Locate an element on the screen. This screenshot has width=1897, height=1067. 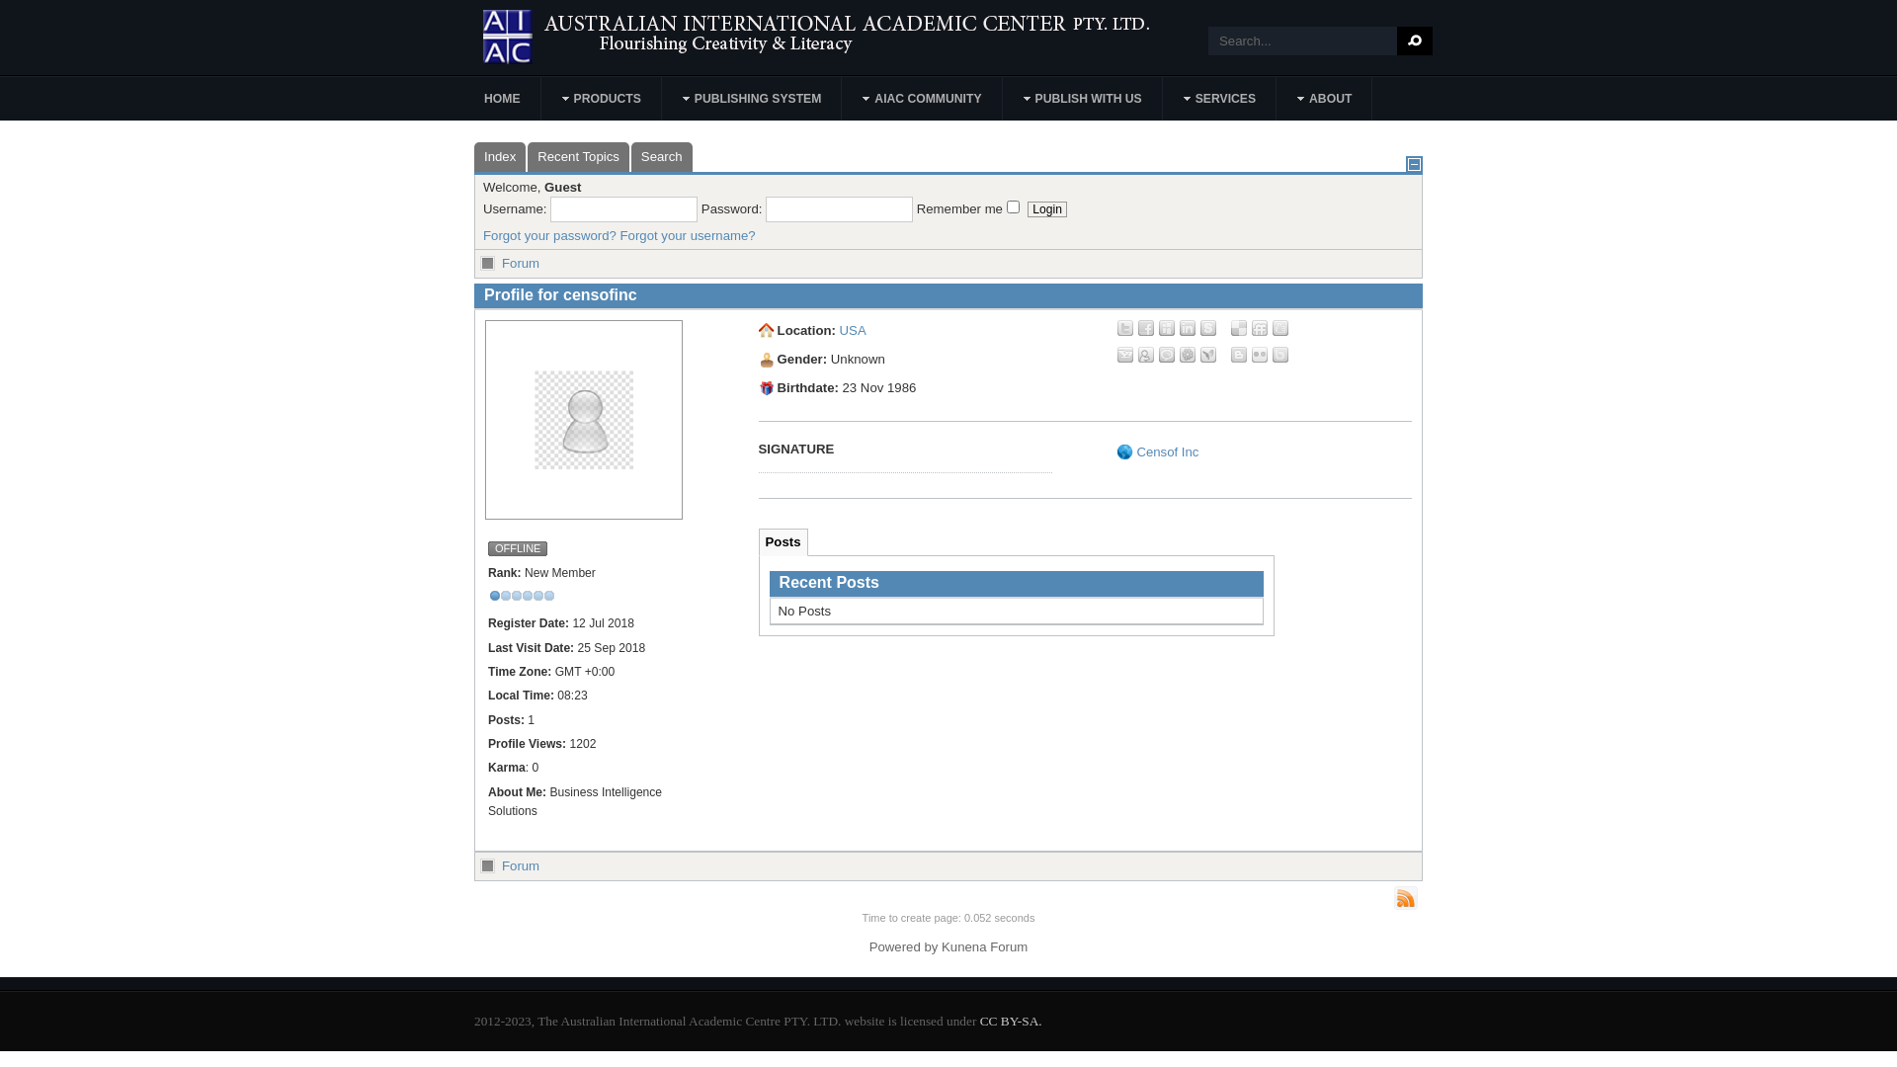
'HOME' is located at coordinates (502, 99).